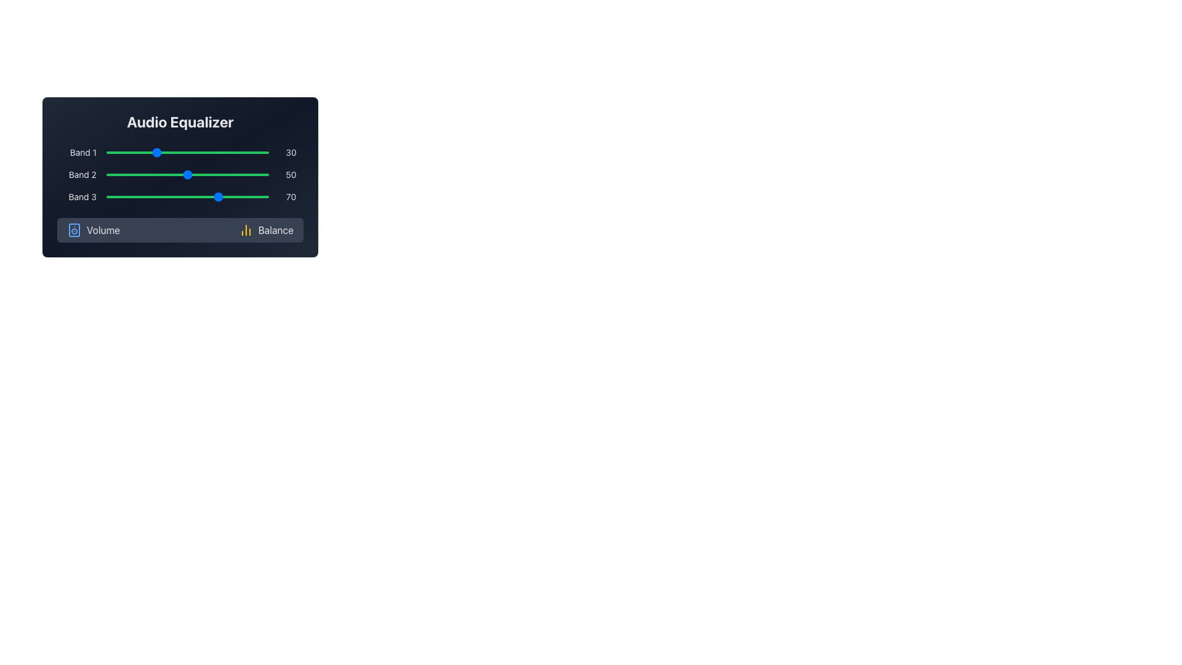 The width and height of the screenshot is (1182, 665). I want to click on the slider labeled 'Band 1', so click(159, 151).